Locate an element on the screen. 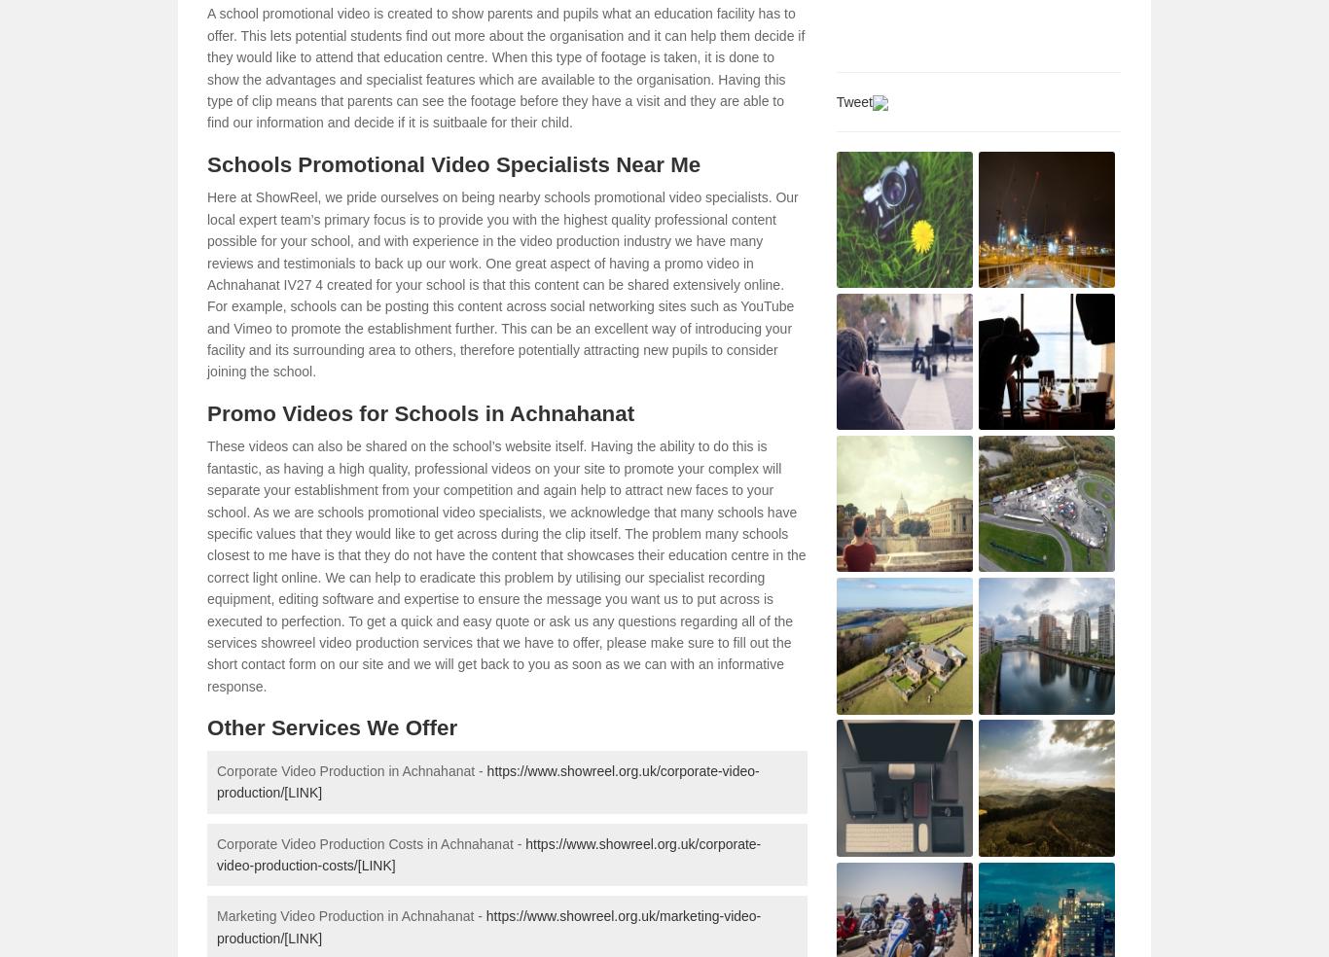 Image resolution: width=1329 pixels, height=957 pixels. 'Tweet' is located at coordinates (853, 100).